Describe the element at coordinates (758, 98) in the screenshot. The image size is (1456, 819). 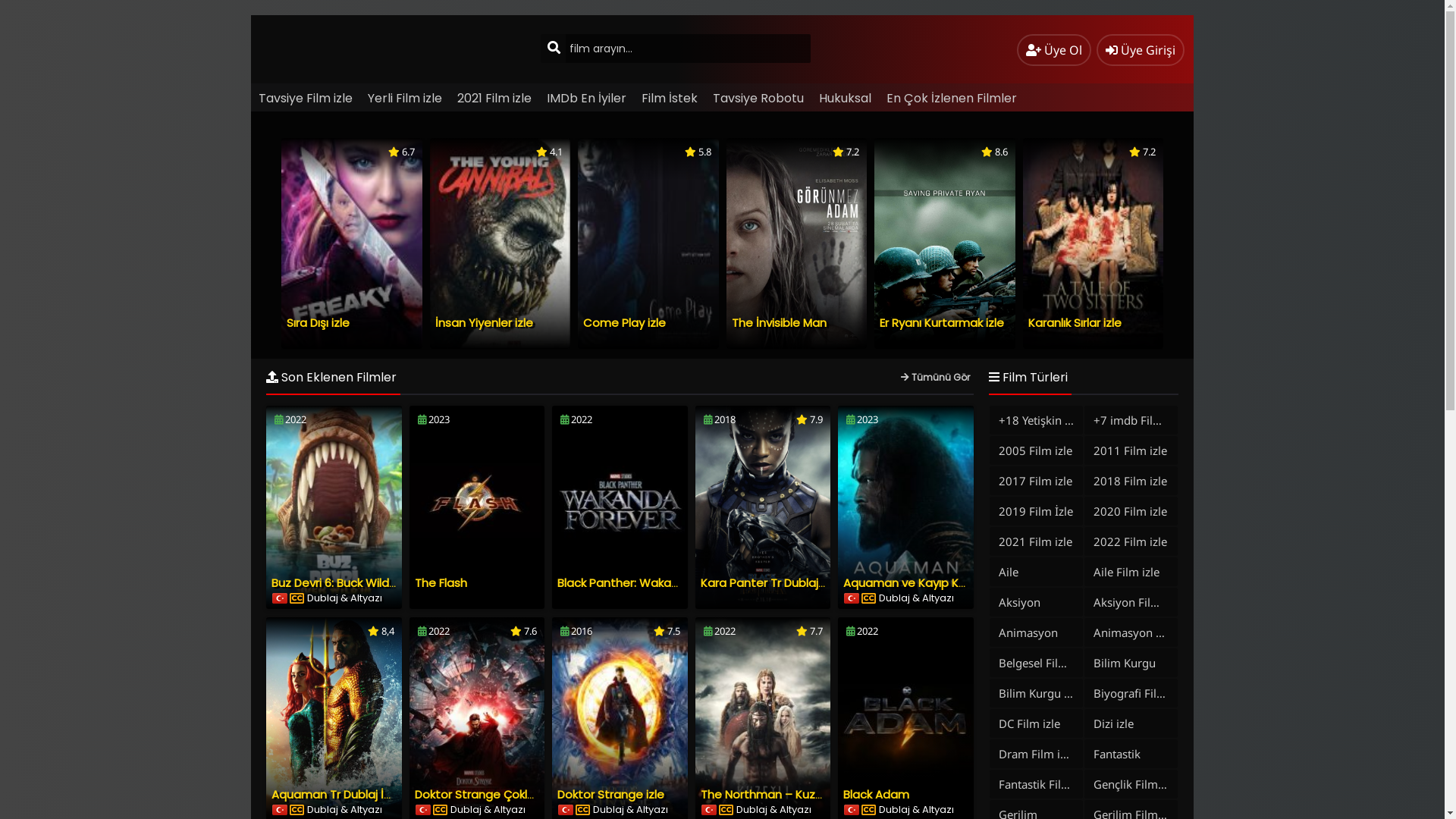
I see `'Tavsiye Robotu'` at that location.